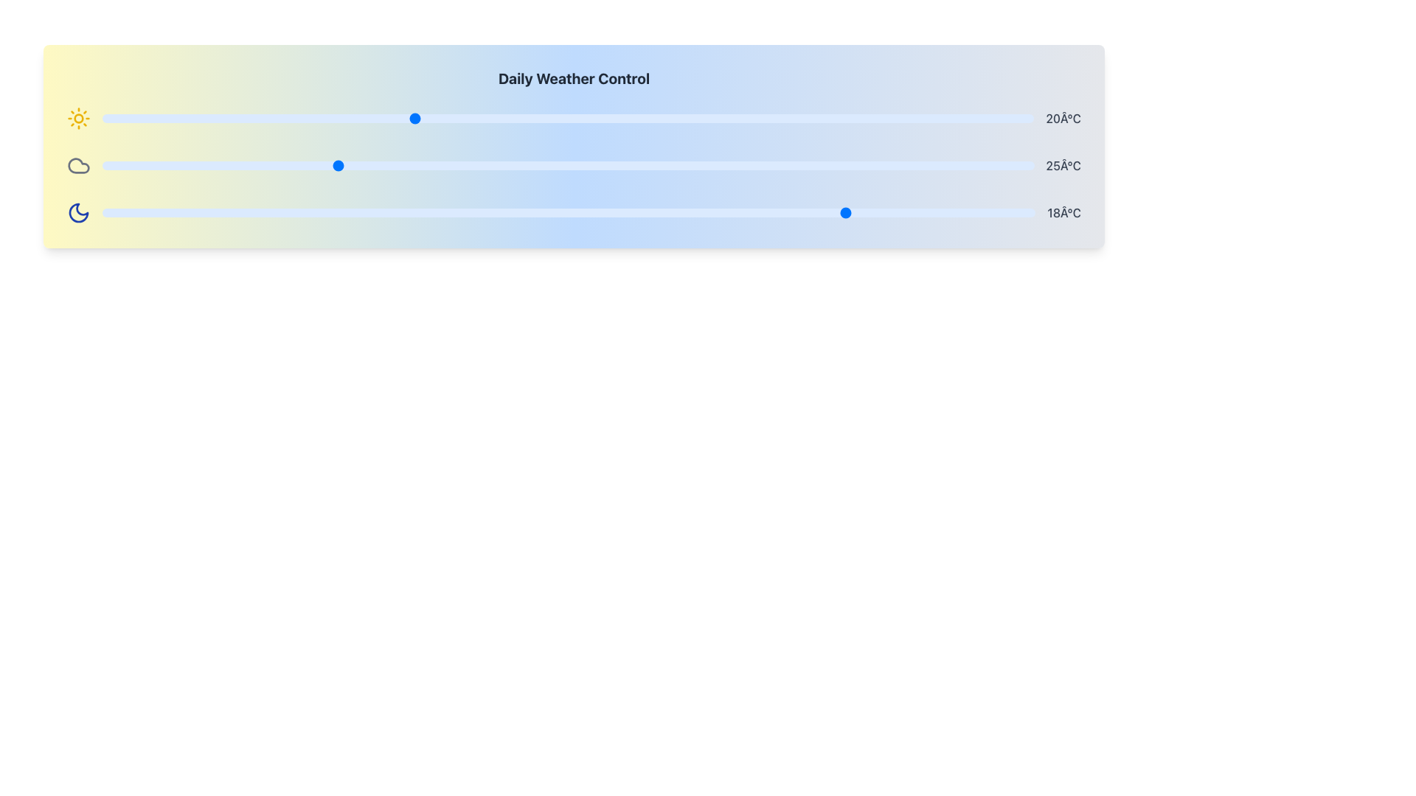  I want to click on the slider value, so click(754, 165).